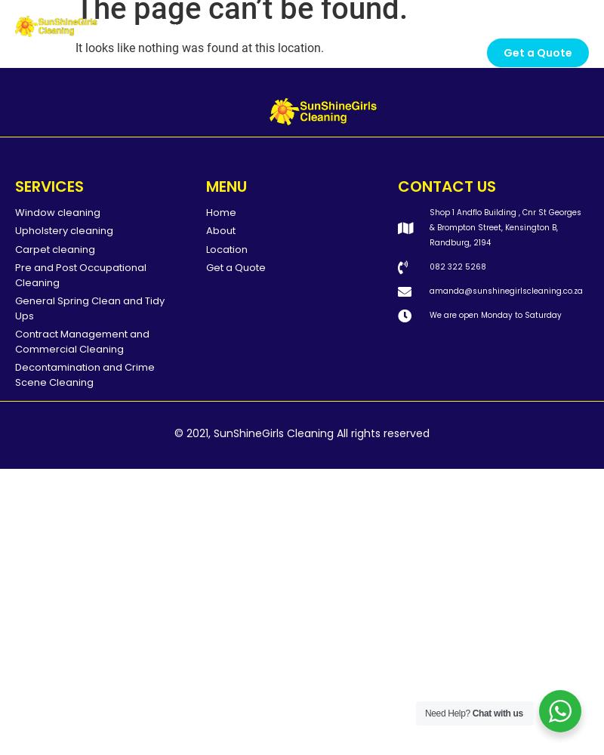 The width and height of the screenshot is (604, 755). I want to click on 'We are open Monday to Saturday', so click(495, 314).